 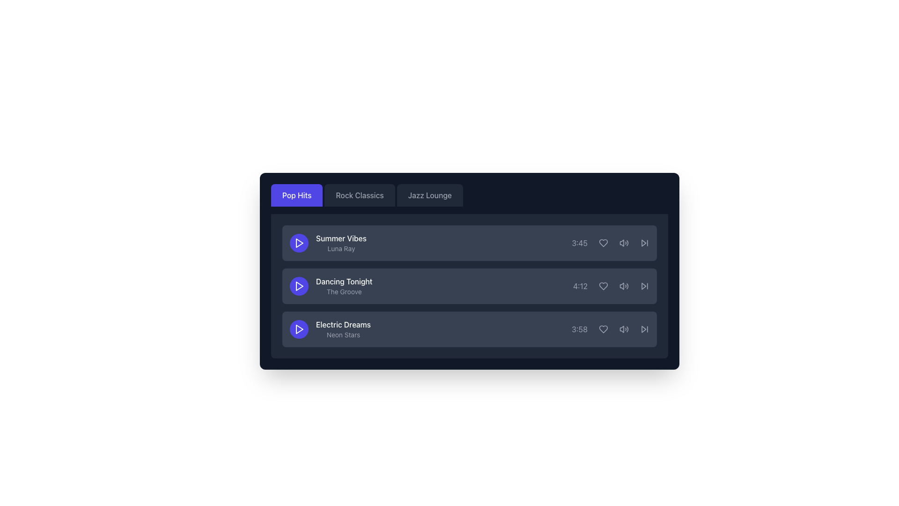 I want to click on the text display showing the song title and artist, located in the second row of the song list, between 'Summer Vibes' and 'Electric Dreams', so click(x=331, y=285).